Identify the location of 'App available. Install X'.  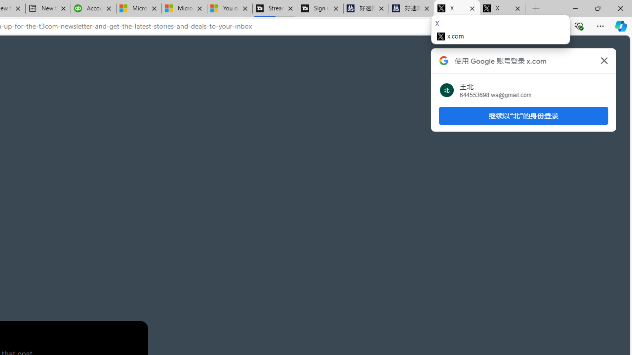
(449, 26).